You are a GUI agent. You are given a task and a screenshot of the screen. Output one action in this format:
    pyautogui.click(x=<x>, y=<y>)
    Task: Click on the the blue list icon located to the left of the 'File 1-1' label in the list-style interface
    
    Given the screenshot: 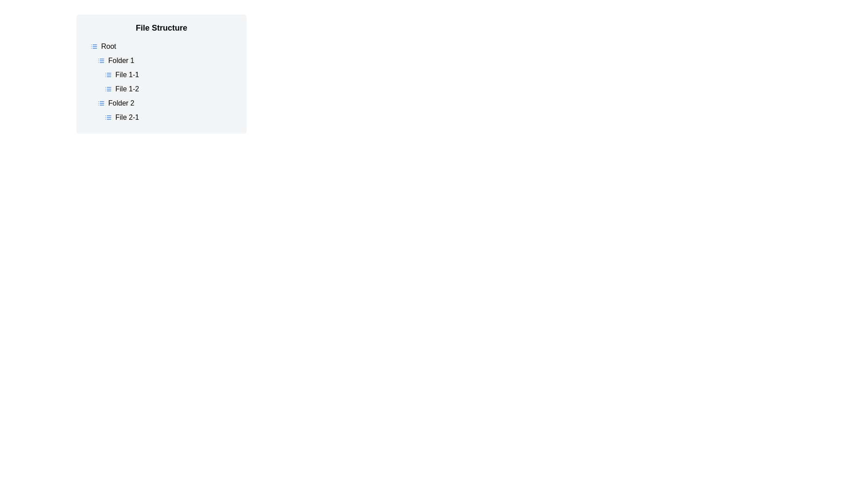 What is the action you would take?
    pyautogui.click(x=108, y=75)
    